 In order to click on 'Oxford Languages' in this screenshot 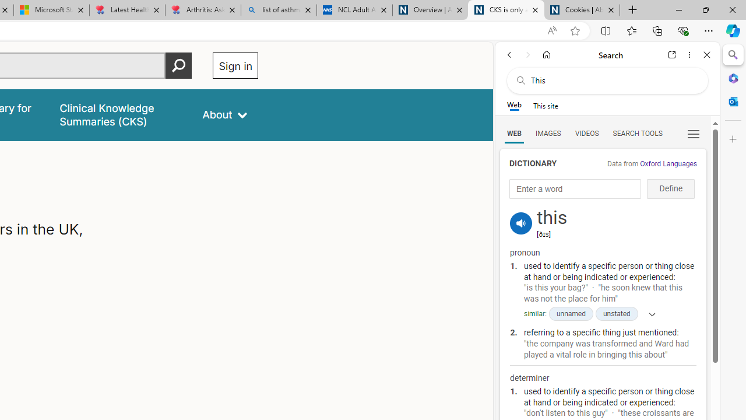, I will do `click(668, 164)`.